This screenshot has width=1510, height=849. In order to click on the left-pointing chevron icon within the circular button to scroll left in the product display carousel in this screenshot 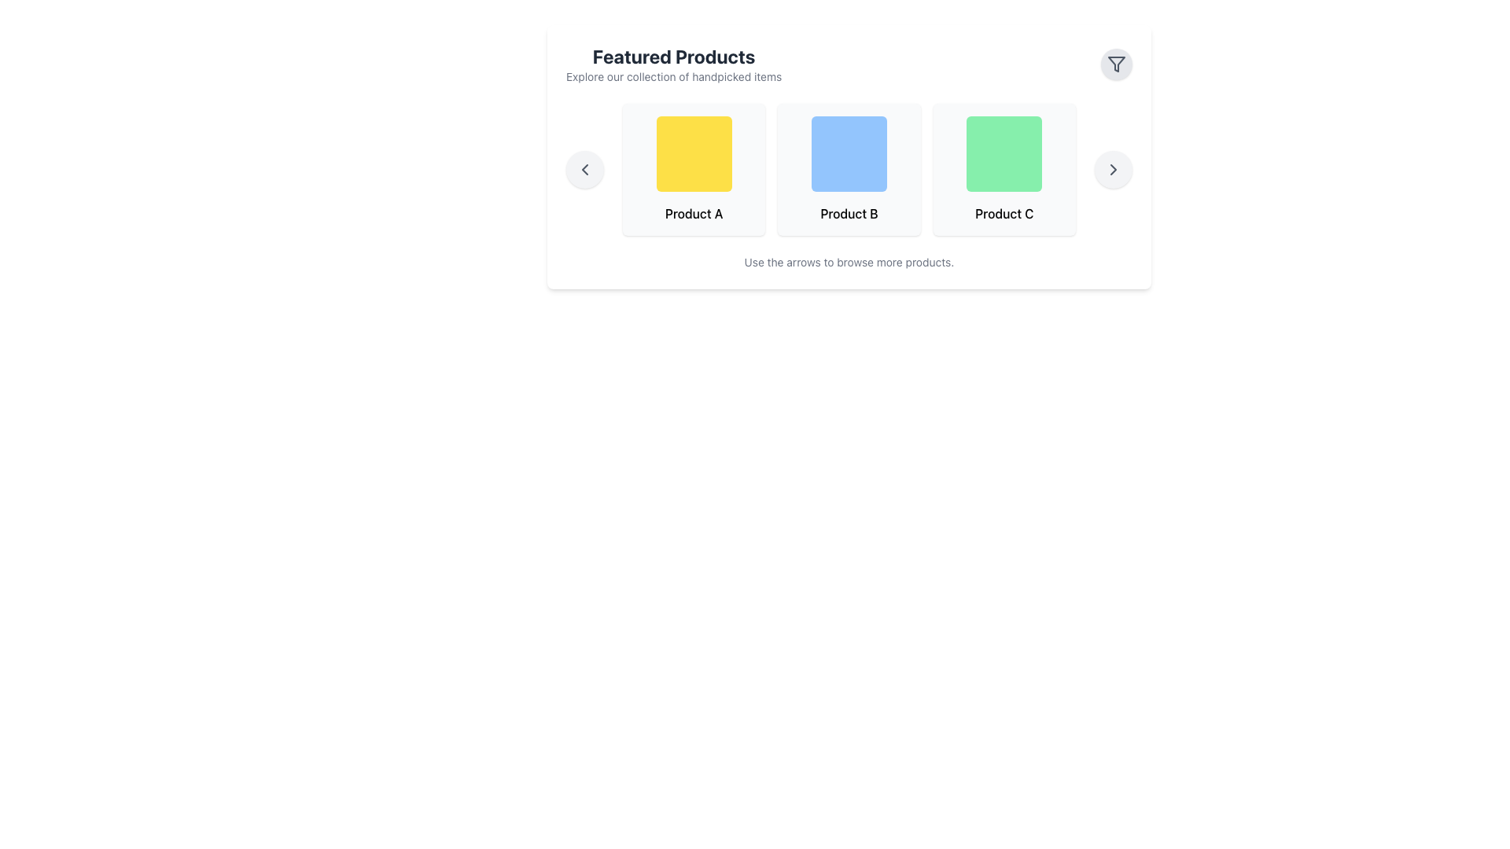, I will do `click(584, 170)`.